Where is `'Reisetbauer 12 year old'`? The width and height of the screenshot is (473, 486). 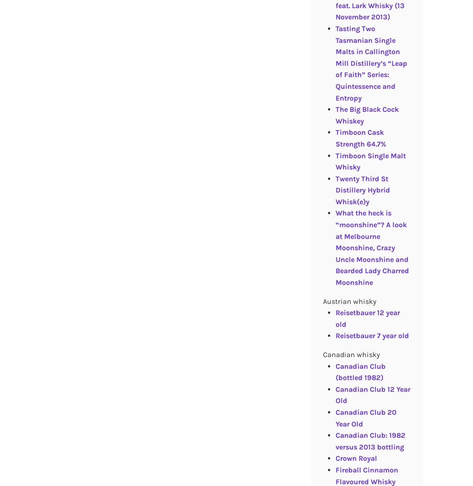
'Reisetbauer 12 year old' is located at coordinates (367, 317).